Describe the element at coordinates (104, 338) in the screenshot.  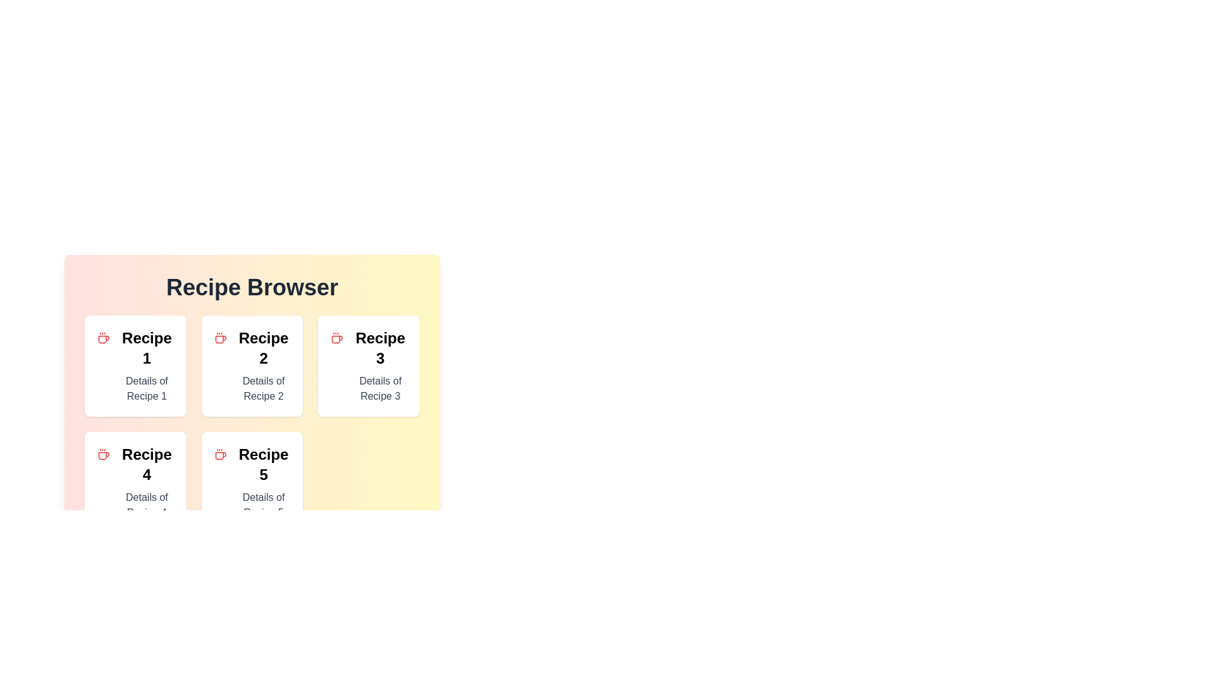
I see `the coffee cup icon to the left of the 'Recipe 1' text in the recipe grid` at that location.